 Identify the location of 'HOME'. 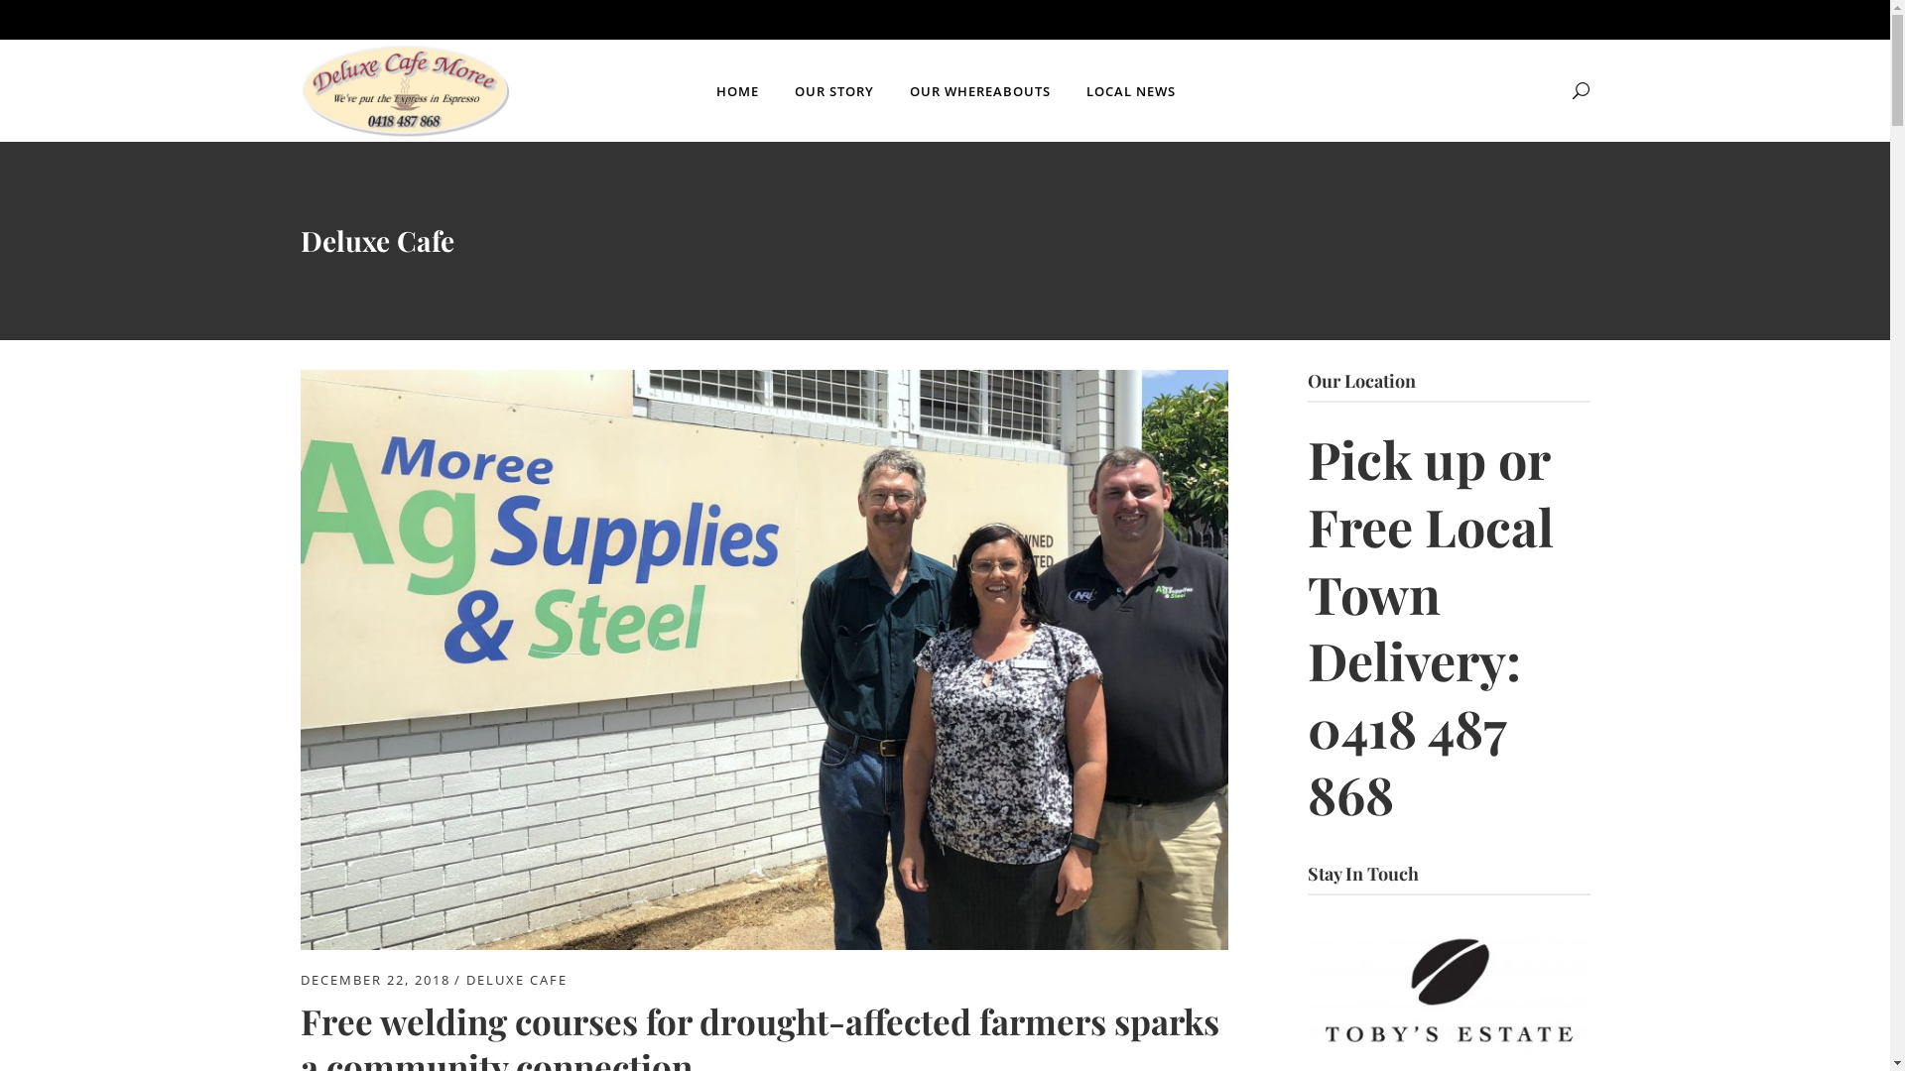
(736, 90).